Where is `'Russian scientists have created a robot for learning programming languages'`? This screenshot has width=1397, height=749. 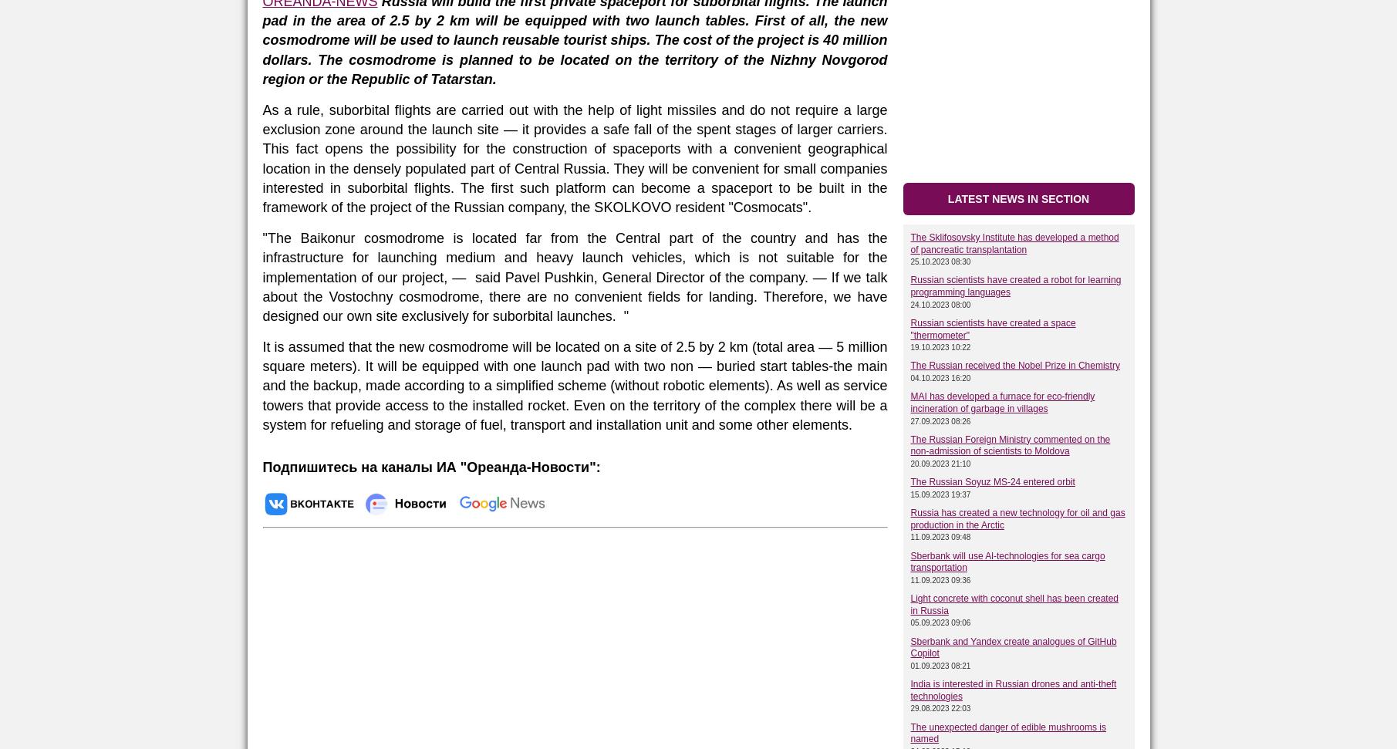 'Russian scientists have created a robot for learning programming languages' is located at coordinates (1014, 286).